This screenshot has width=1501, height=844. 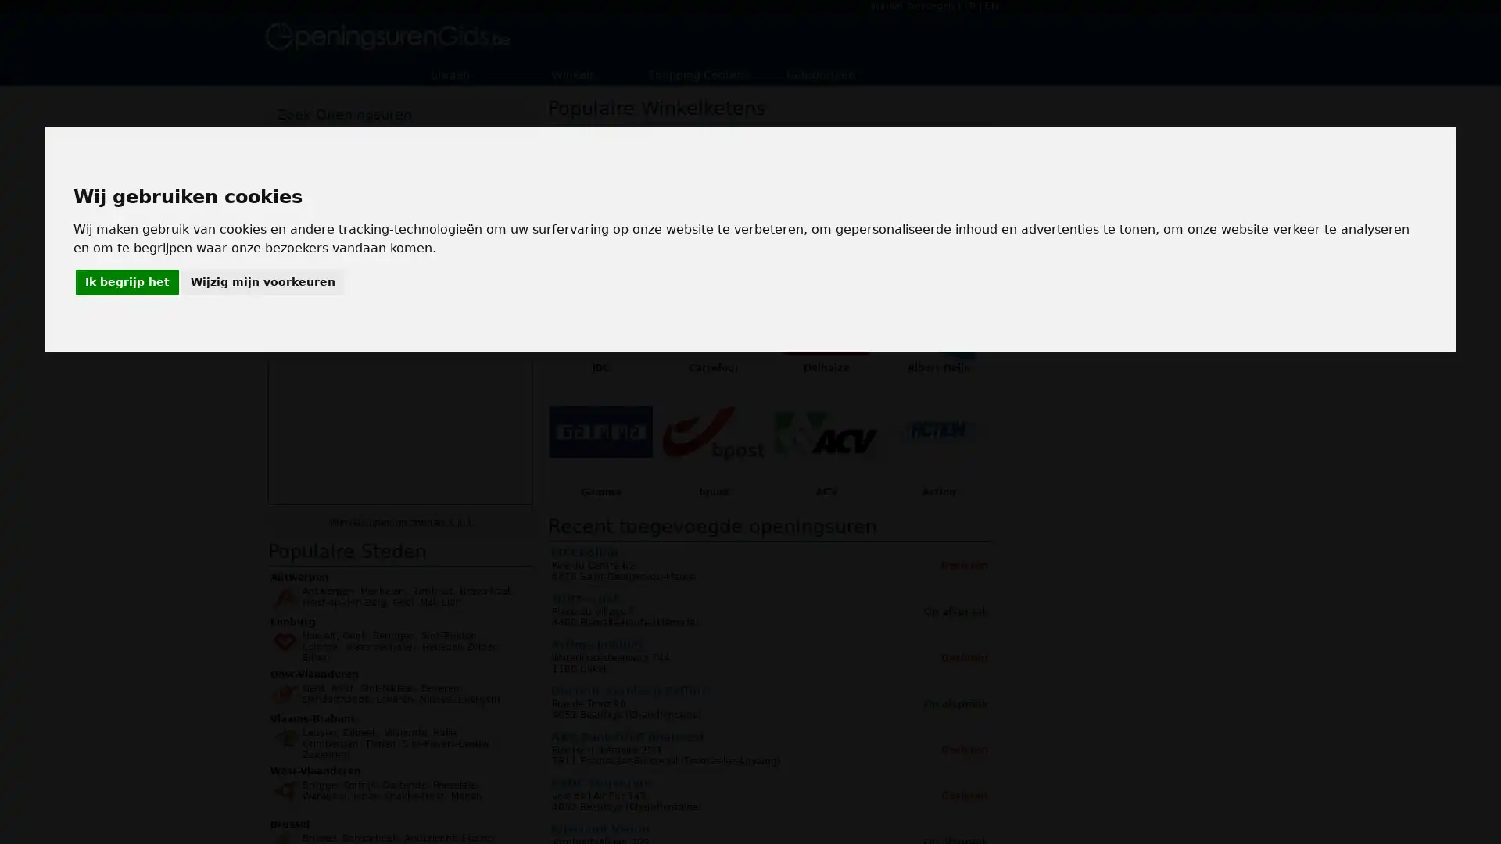 What do you see at coordinates (262, 282) in the screenshot?
I see `Wijzig mijn voorkeuren` at bounding box center [262, 282].